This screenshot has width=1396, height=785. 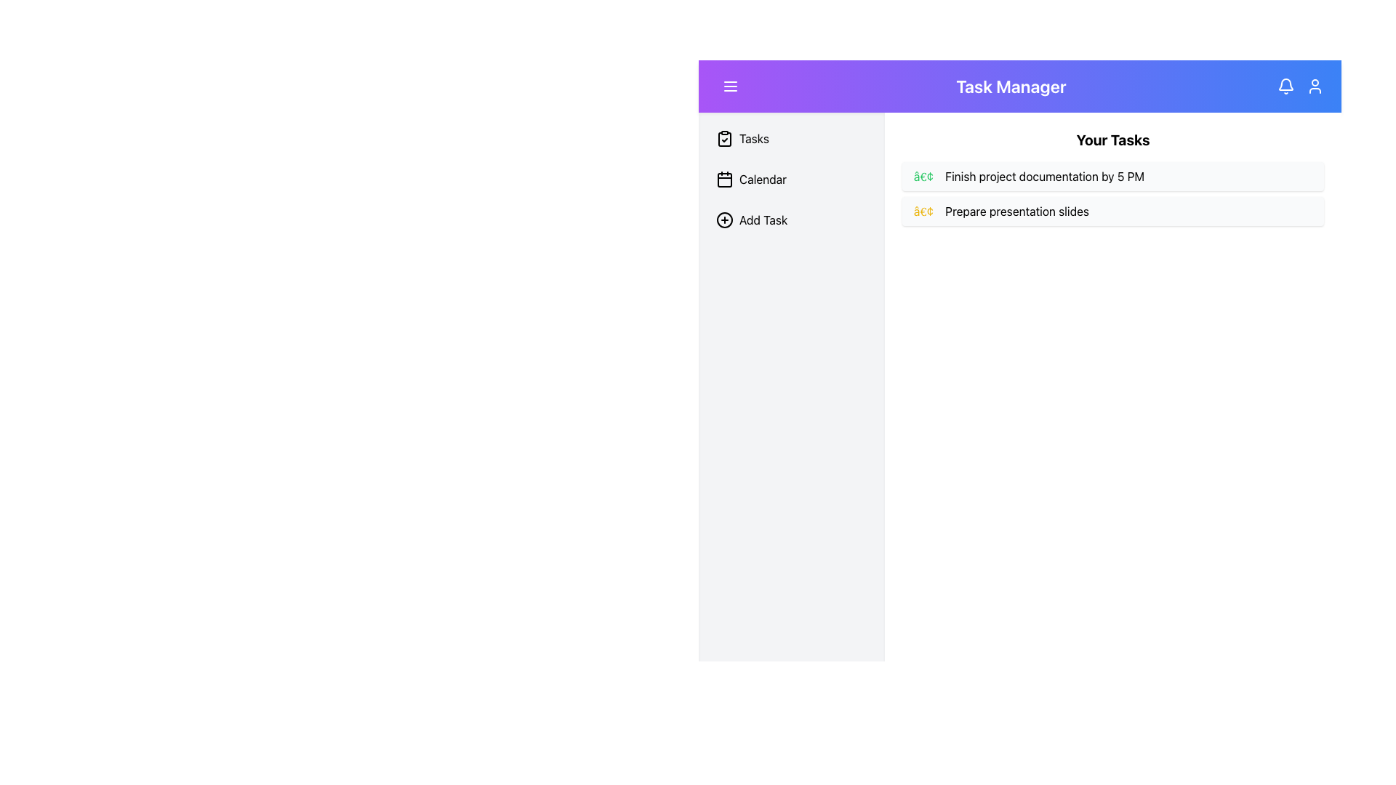 What do you see at coordinates (730, 86) in the screenshot?
I see `the Hamburger Menu icon located at the top left corner of the purple header bar to make it highlighted` at bounding box center [730, 86].